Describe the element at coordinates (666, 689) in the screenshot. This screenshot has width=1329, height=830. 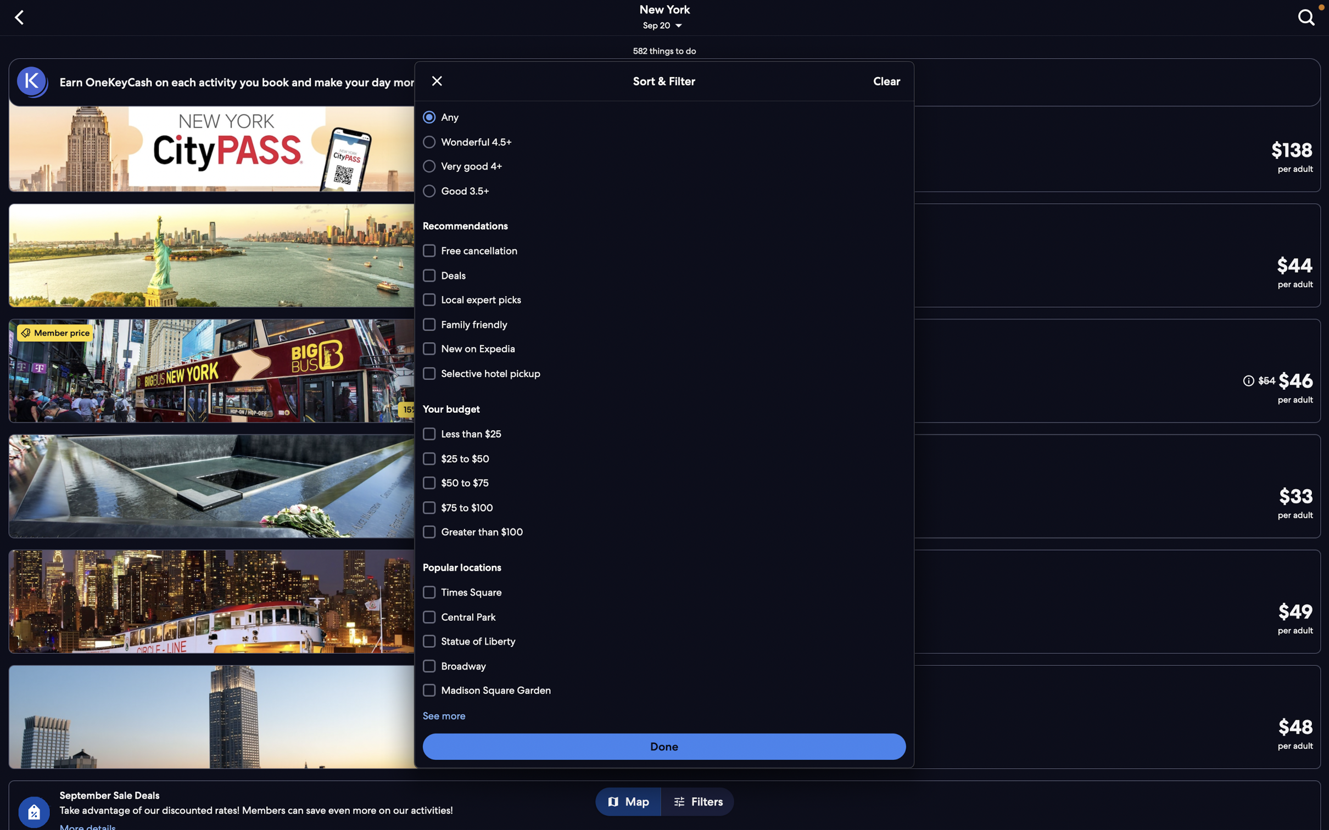
I see `Look for sites nearby "Broadway"` at that location.